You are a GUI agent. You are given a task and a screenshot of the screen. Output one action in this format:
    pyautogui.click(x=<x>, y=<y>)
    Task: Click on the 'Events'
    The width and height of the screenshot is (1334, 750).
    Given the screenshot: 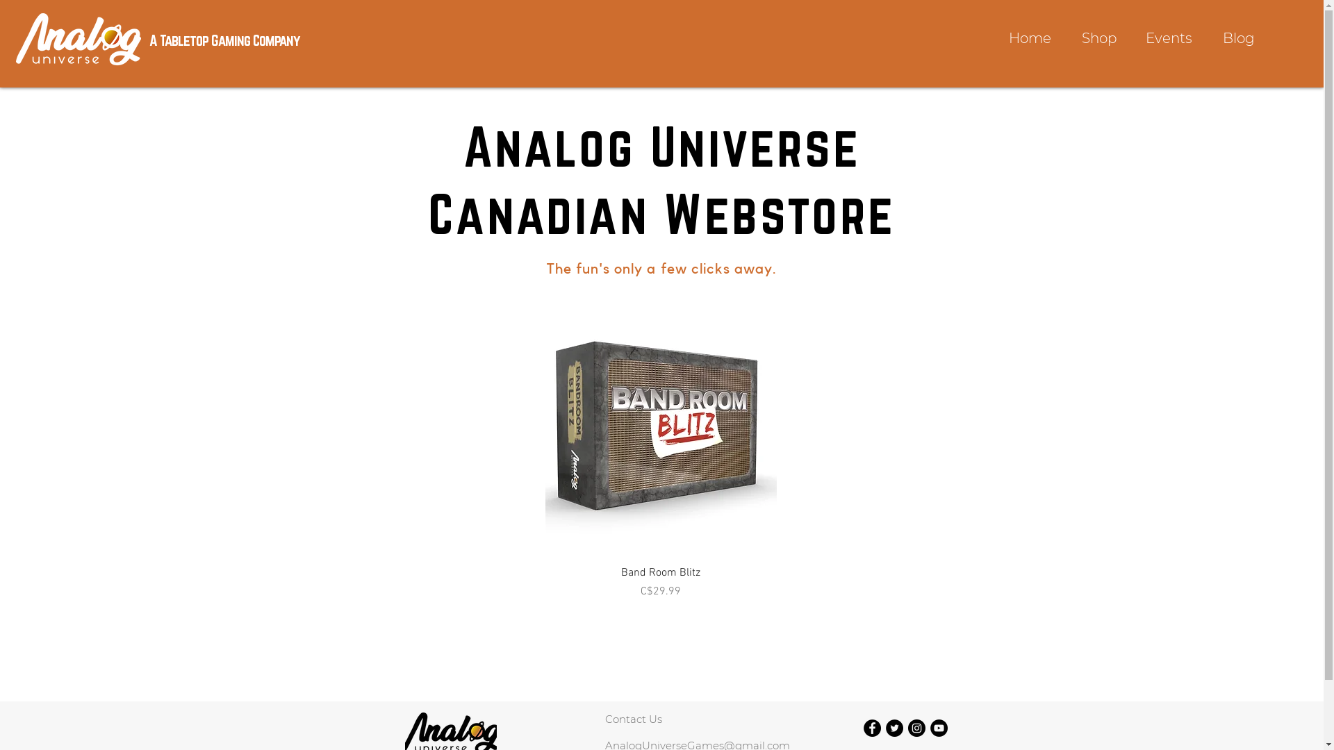 What is the action you would take?
    pyautogui.click(x=1168, y=39)
    